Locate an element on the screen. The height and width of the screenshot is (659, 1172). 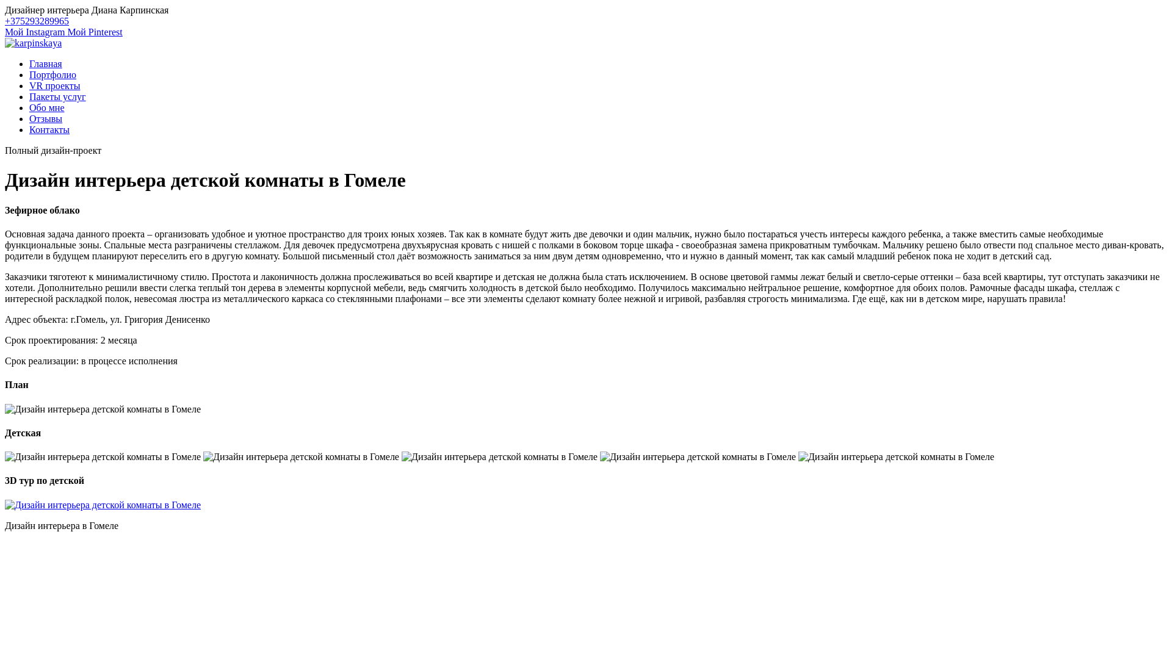
'+375293289965' is located at coordinates (37, 21).